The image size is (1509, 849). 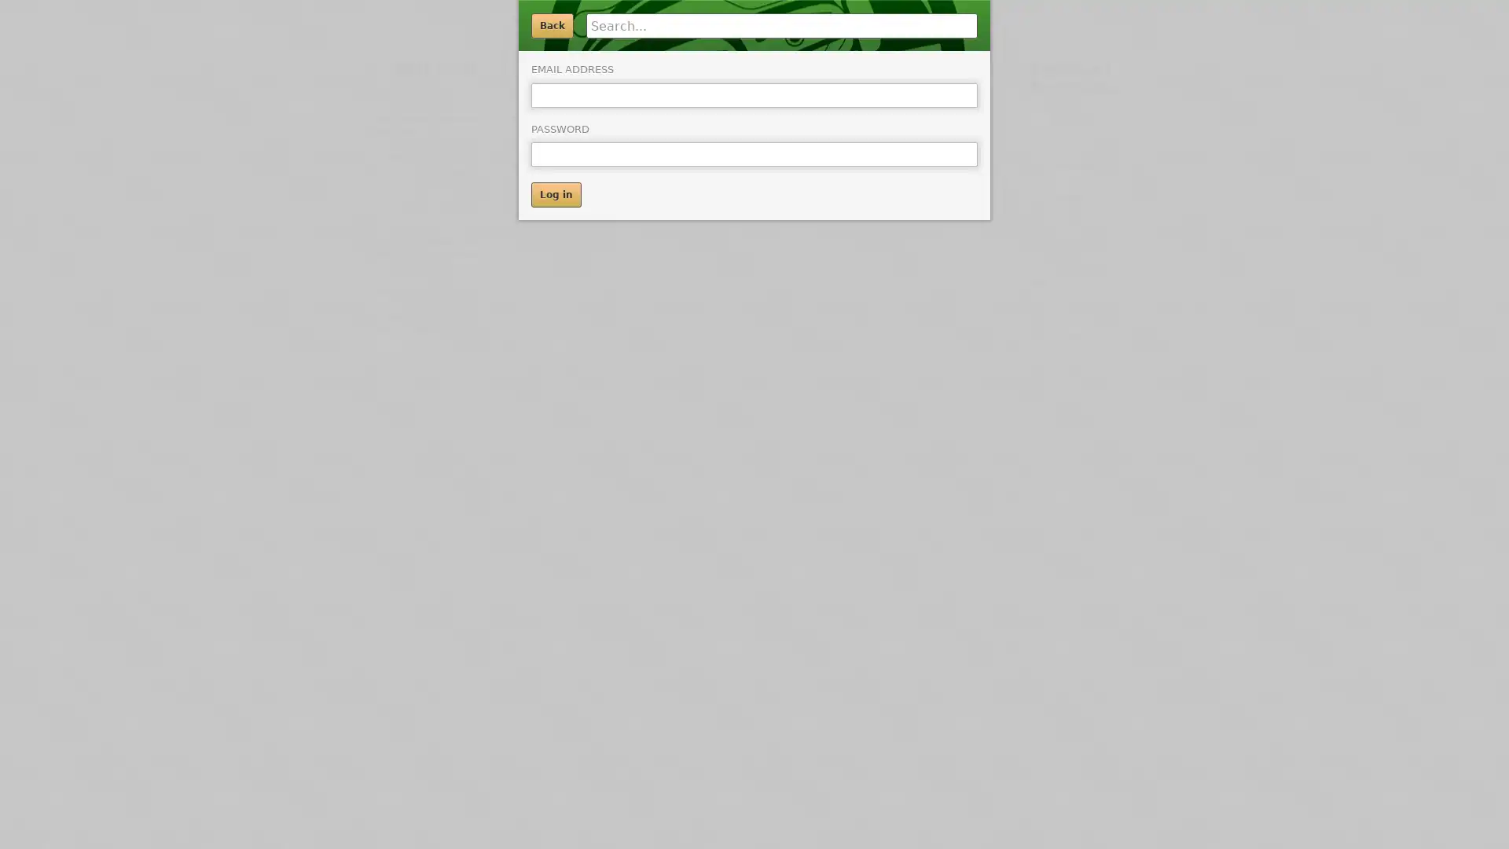 What do you see at coordinates (556, 193) in the screenshot?
I see `Log in` at bounding box center [556, 193].